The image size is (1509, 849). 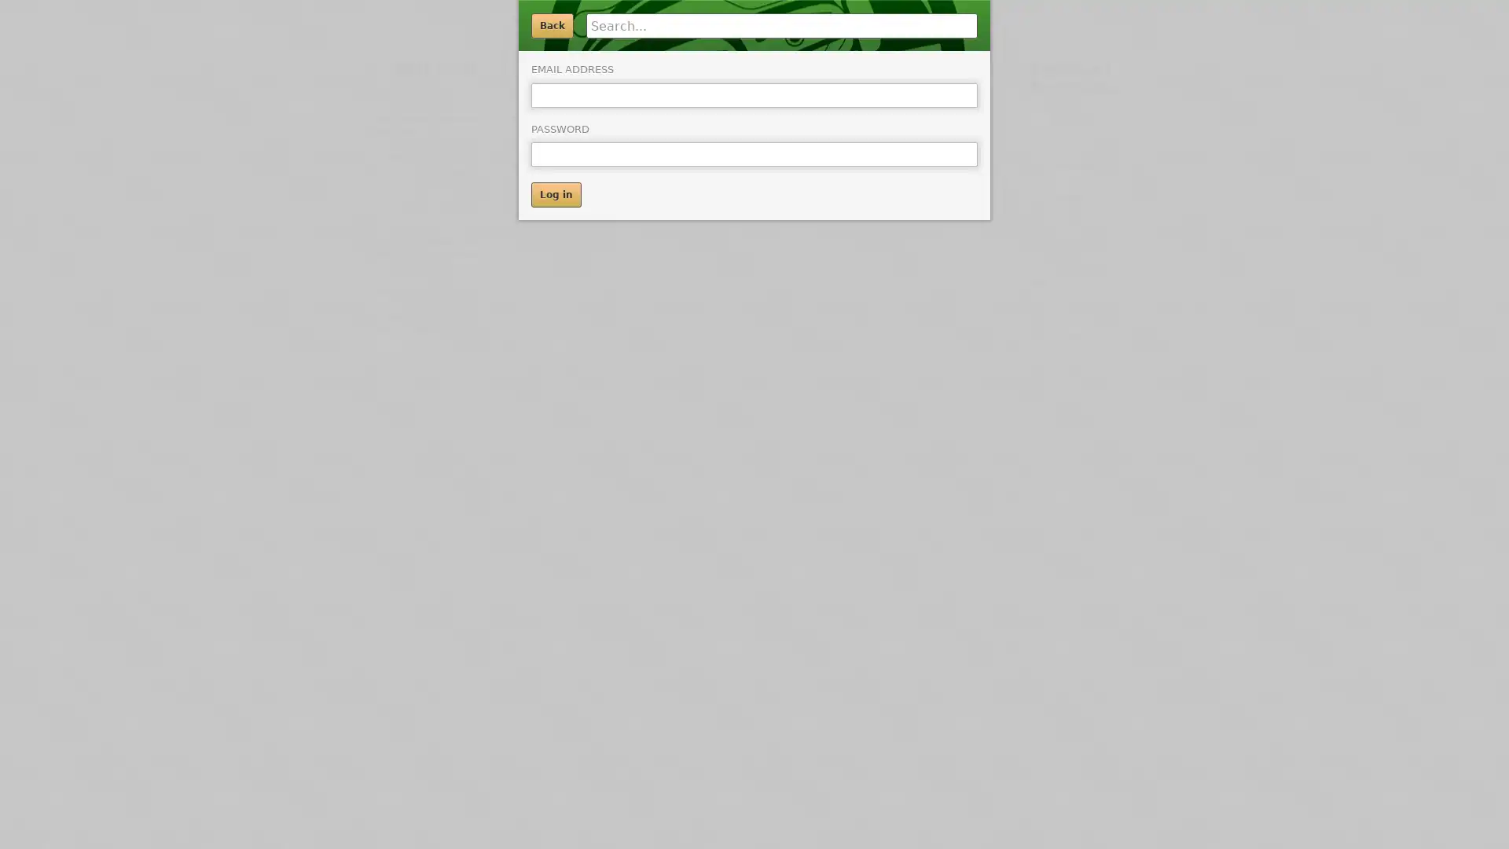 What do you see at coordinates (556, 193) in the screenshot?
I see `Log in` at bounding box center [556, 193].